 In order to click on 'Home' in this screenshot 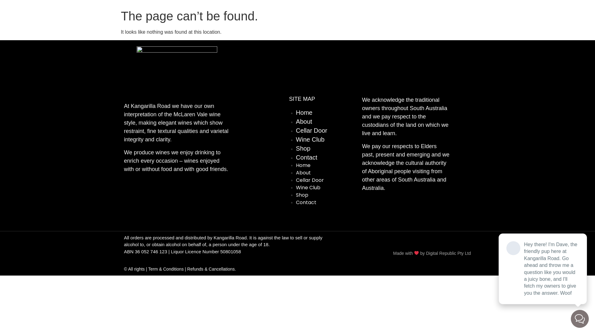, I will do `click(303, 165)`.